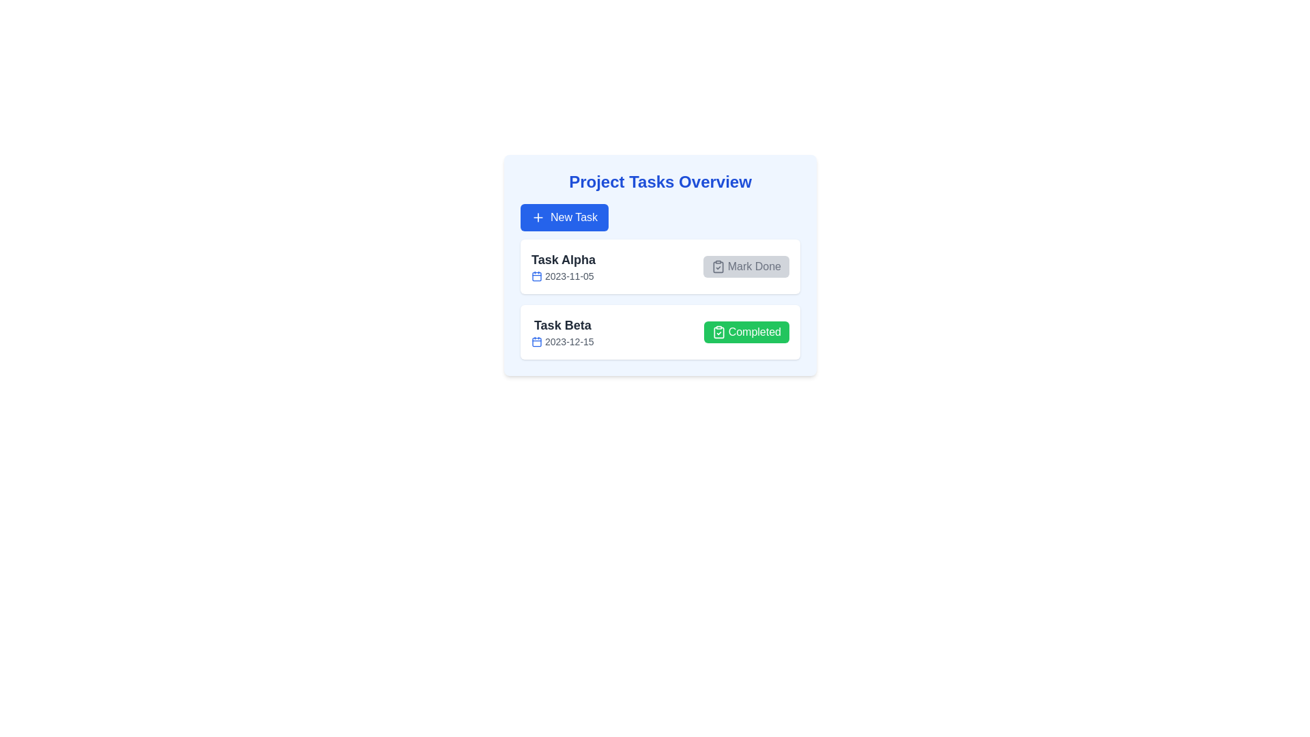 This screenshot has height=737, width=1310. I want to click on the date display component, which consists of a blue calendar icon and the date '2023-11-05' in a small gray font, located within the card titled 'Task Alpha', so click(563, 276).